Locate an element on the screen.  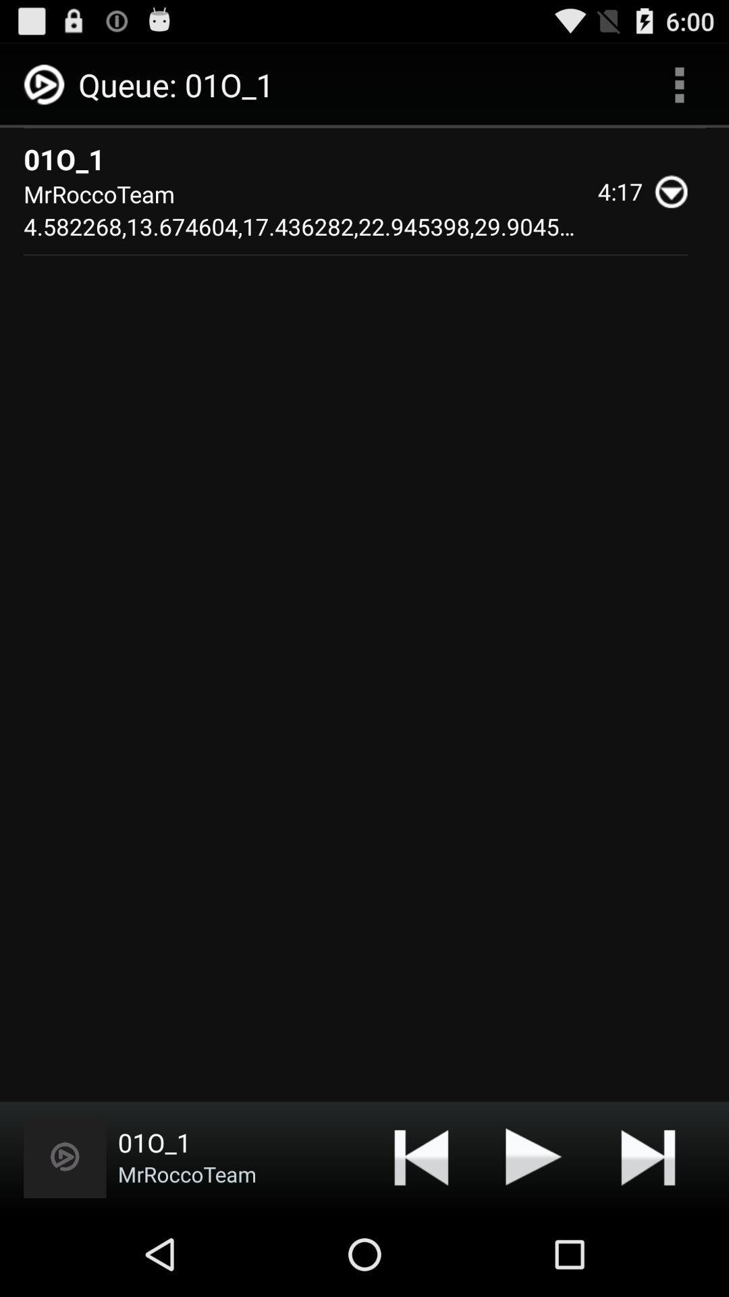
icon which is beside 417 is located at coordinates (677, 190).